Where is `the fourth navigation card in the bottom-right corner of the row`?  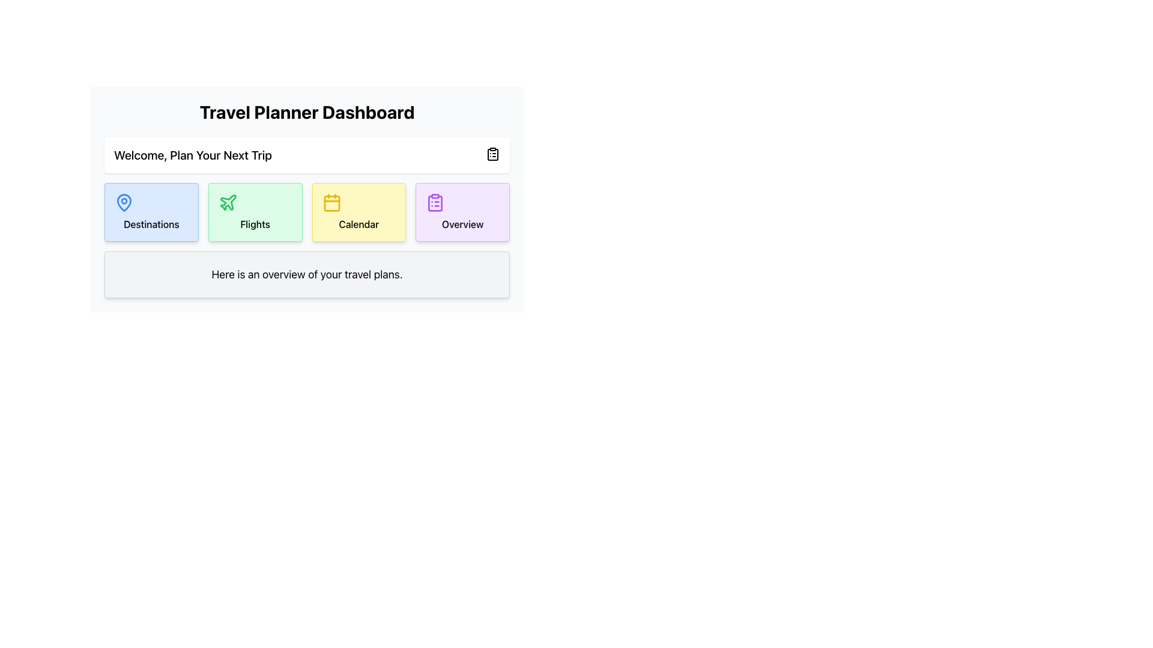 the fourth navigation card in the bottom-right corner of the row is located at coordinates (462, 212).